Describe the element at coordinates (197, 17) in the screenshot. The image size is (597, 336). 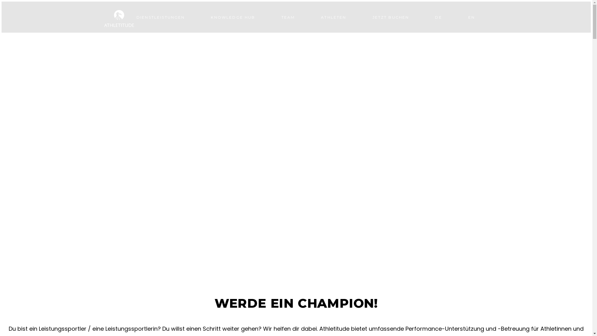
I see `'KNOWLEDGE HUB'` at that location.